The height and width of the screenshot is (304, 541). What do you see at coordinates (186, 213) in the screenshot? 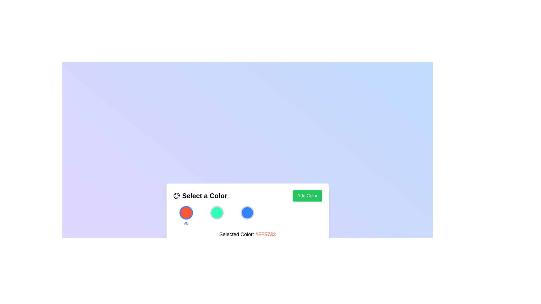
I see `the first circular button representing the color red with RGB code #FF5733` at bounding box center [186, 213].